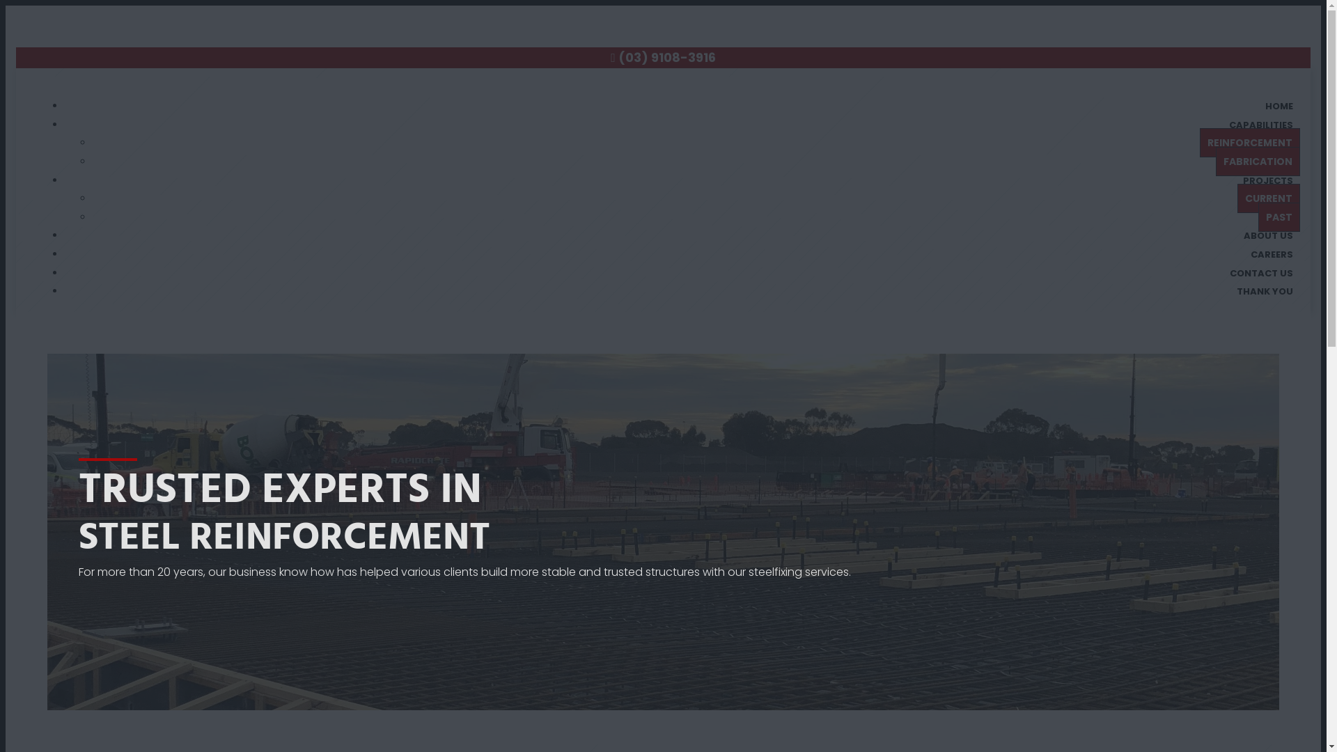  What do you see at coordinates (1258, 160) in the screenshot?
I see `'FABRICATION'` at bounding box center [1258, 160].